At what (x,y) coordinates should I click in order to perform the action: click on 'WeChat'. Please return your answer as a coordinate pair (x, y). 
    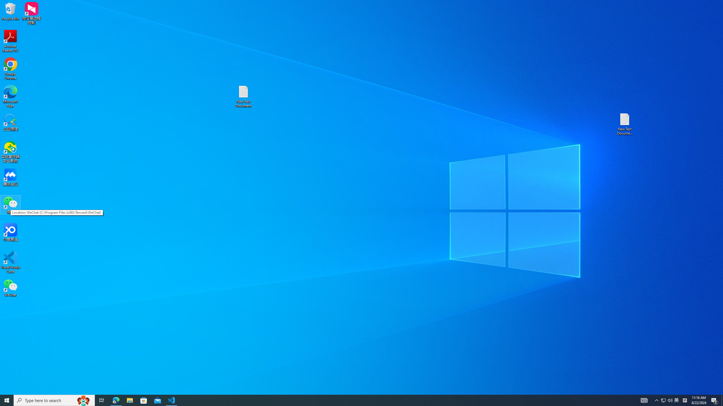
    Looking at the image, I should click on (10, 287).